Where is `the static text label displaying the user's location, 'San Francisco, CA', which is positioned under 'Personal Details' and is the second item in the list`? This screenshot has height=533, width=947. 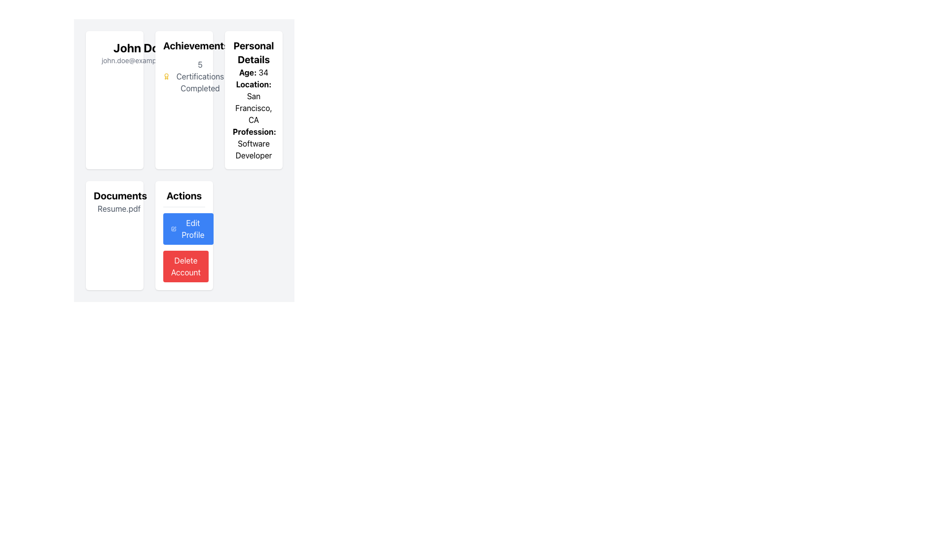
the static text label displaying the user's location, 'San Francisco, CA', which is positioned under 'Personal Details' and is the second item in the list is located at coordinates (254, 102).